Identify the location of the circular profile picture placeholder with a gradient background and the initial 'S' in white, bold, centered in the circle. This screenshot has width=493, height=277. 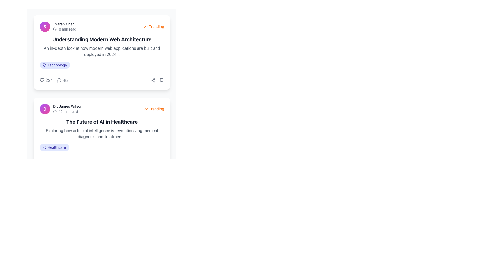
(45, 27).